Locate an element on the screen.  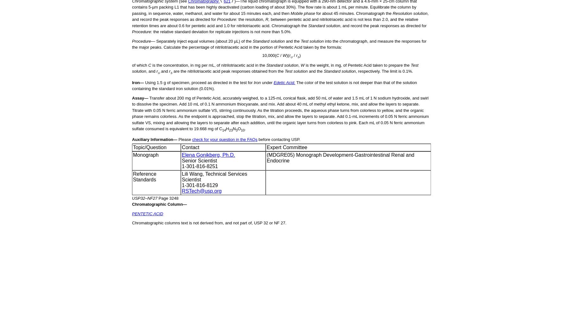
'.' is located at coordinates (245, 129).